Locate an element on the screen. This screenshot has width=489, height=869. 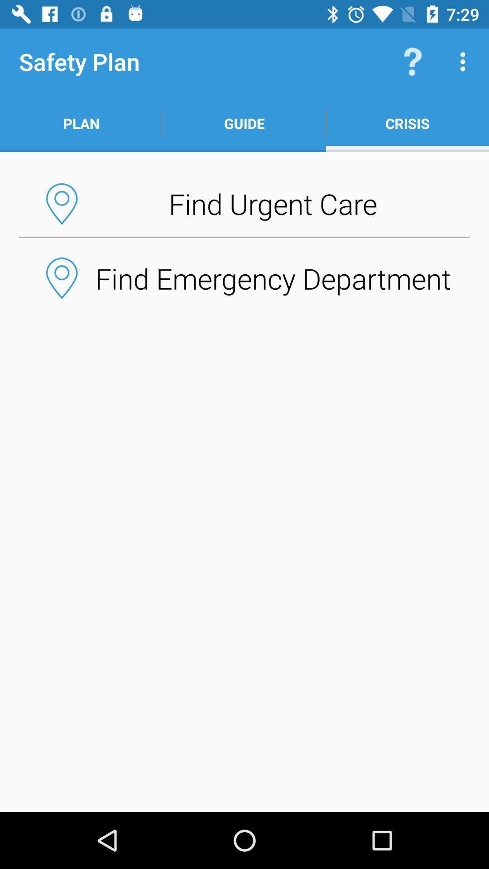
find emergency department button is located at coordinates (244, 277).